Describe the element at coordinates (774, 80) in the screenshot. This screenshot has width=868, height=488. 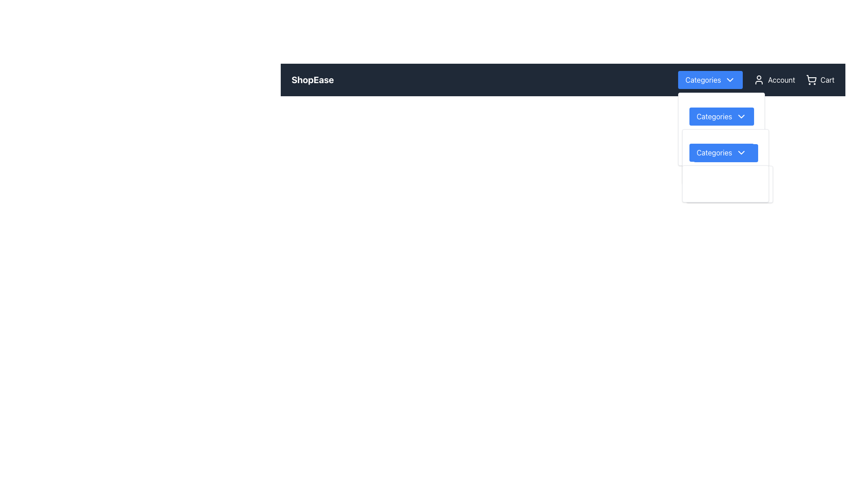
I see `the account navigation button located on the right side of the top navigation bar, adjacent to the 'Cart' button` at that location.